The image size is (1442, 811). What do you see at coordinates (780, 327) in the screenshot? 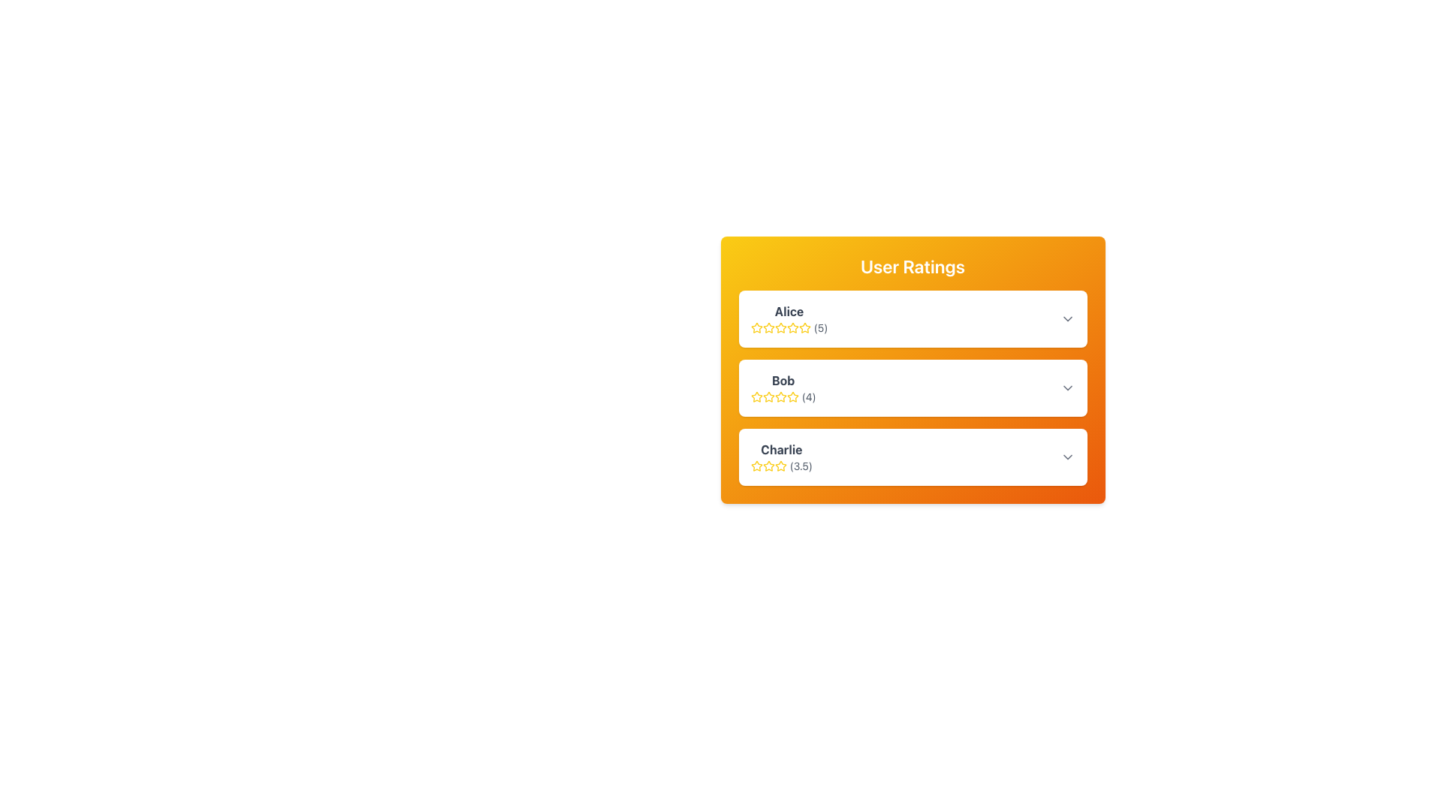
I see `the fourth star-shaped icon with a yellow border in the ratings row labeled 'Alice'` at bounding box center [780, 327].